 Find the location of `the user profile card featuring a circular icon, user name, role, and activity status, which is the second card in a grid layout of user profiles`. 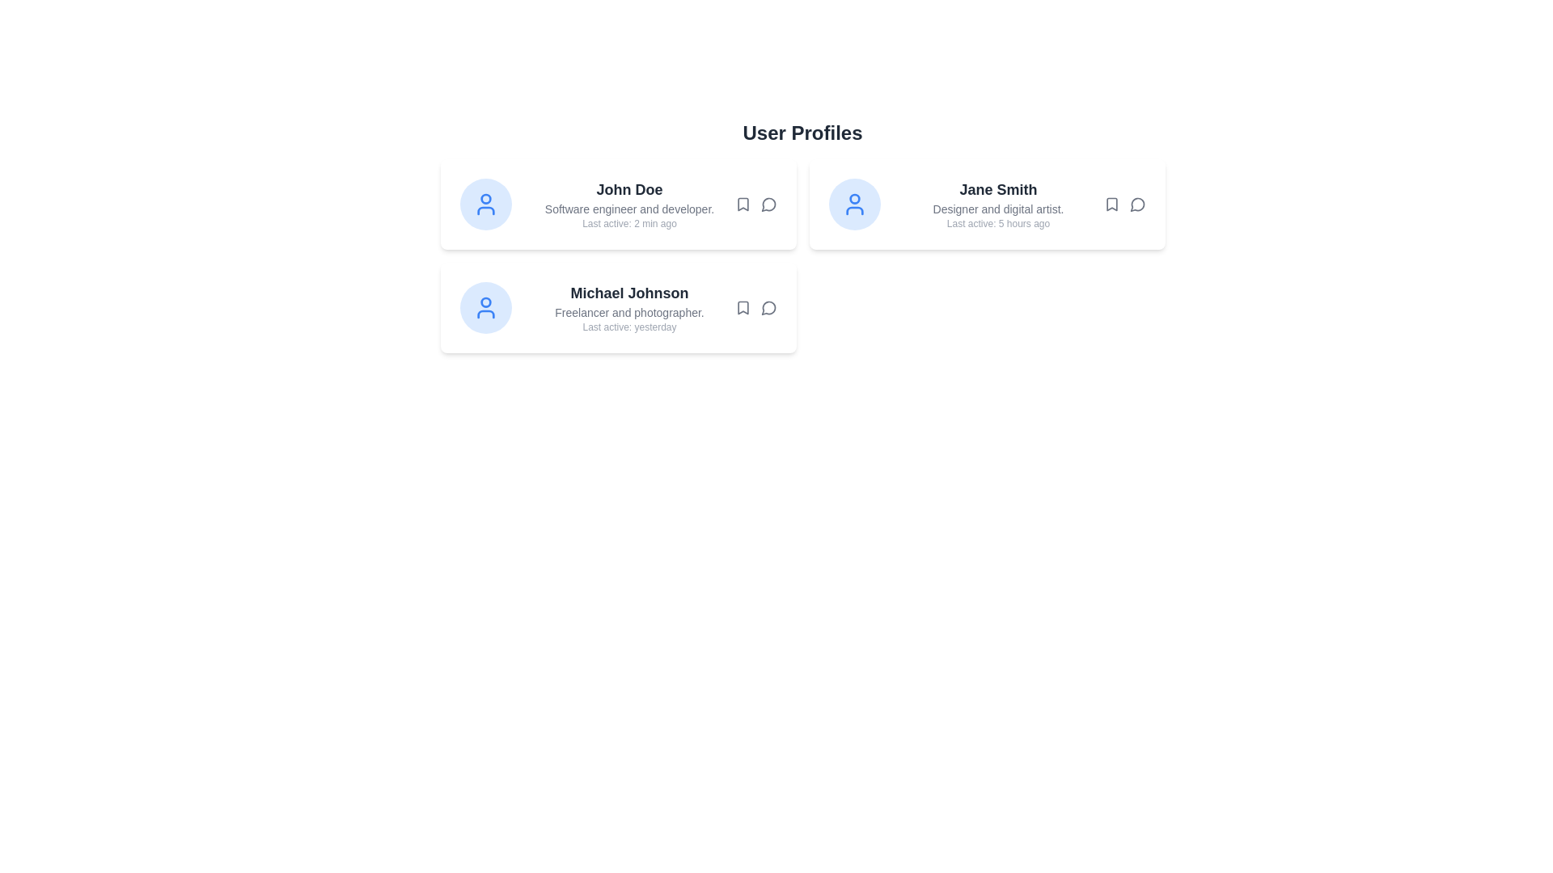

the user profile card featuring a circular icon, user name, role, and activity status, which is the second card in a grid layout of user profiles is located at coordinates (986, 204).